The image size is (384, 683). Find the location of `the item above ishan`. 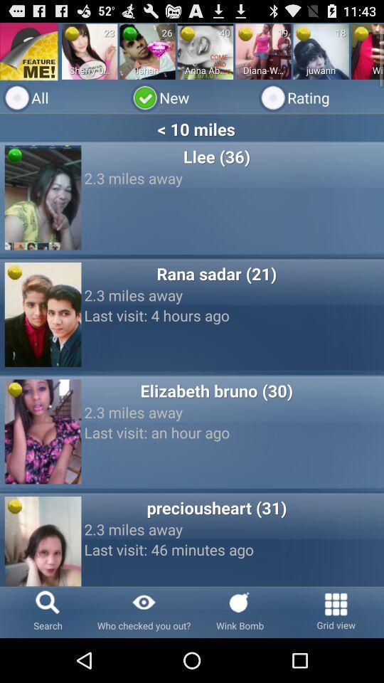

the item above ishan is located at coordinates (129, 33).